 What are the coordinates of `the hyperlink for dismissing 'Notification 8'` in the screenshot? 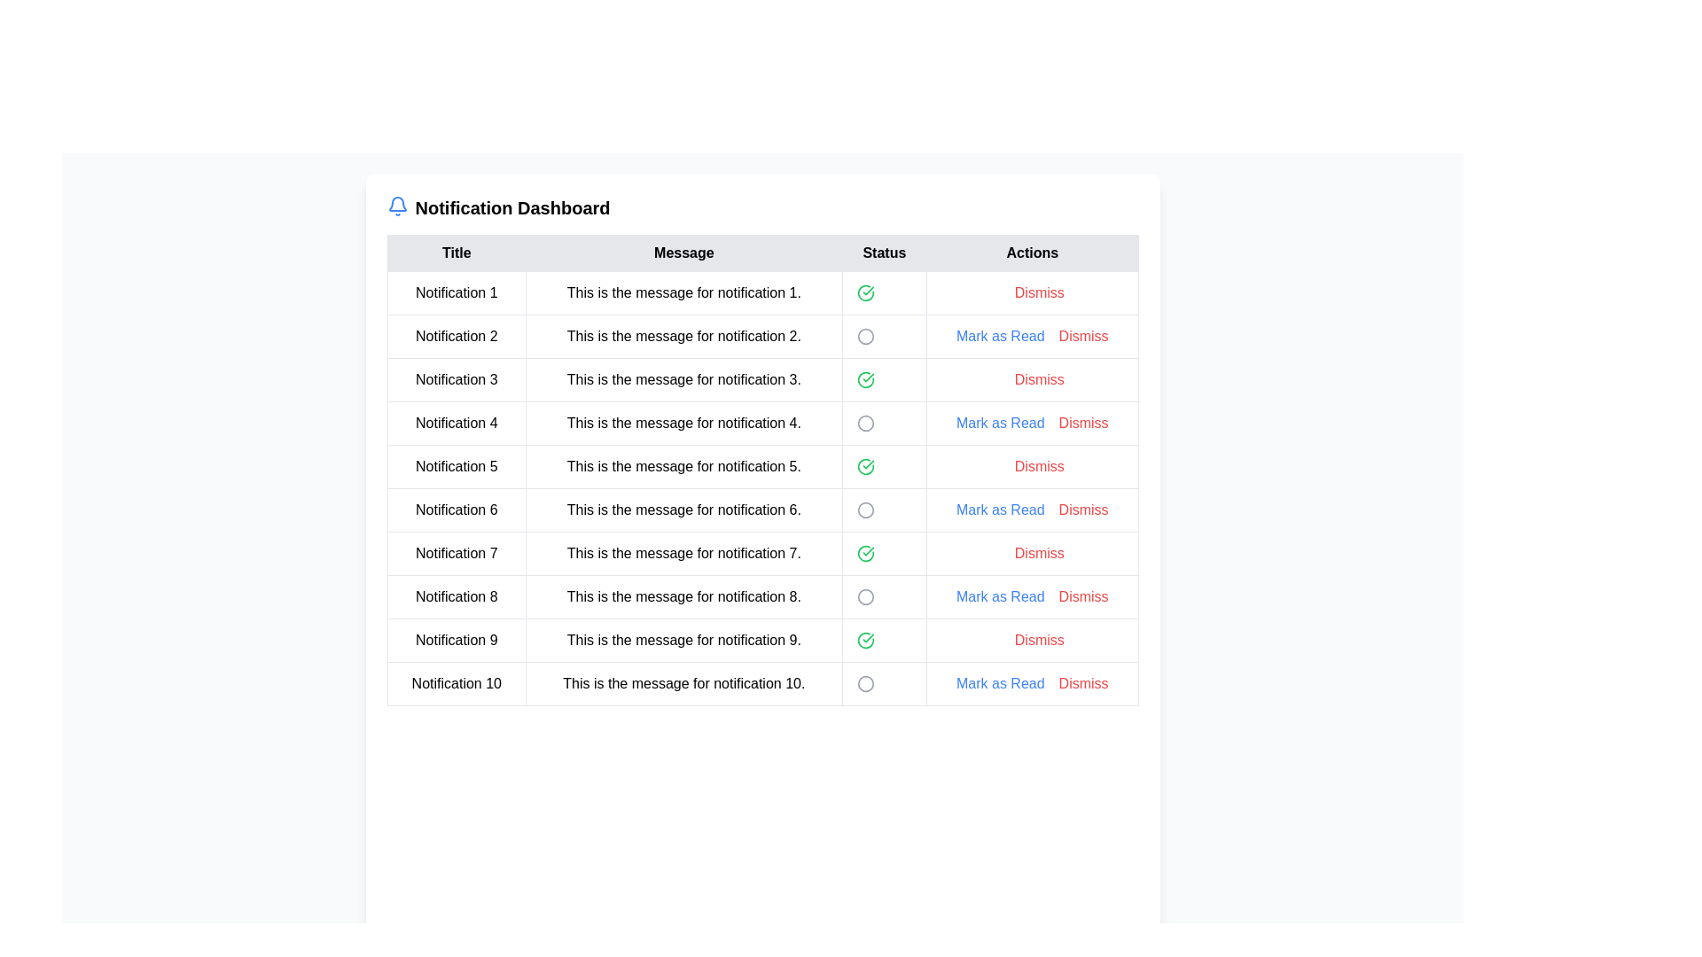 It's located at (1082, 597).